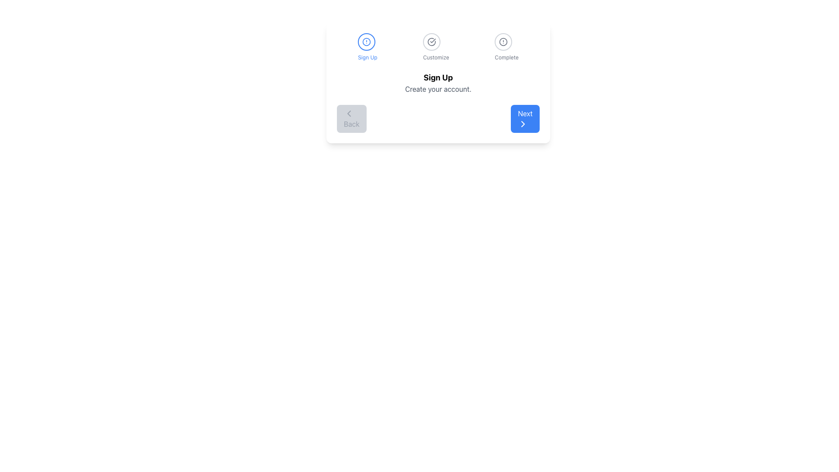  Describe the element at coordinates (432, 42) in the screenshot. I see `the Step Indicator Icon representing the 'Customize' step in the multi-step process` at that location.